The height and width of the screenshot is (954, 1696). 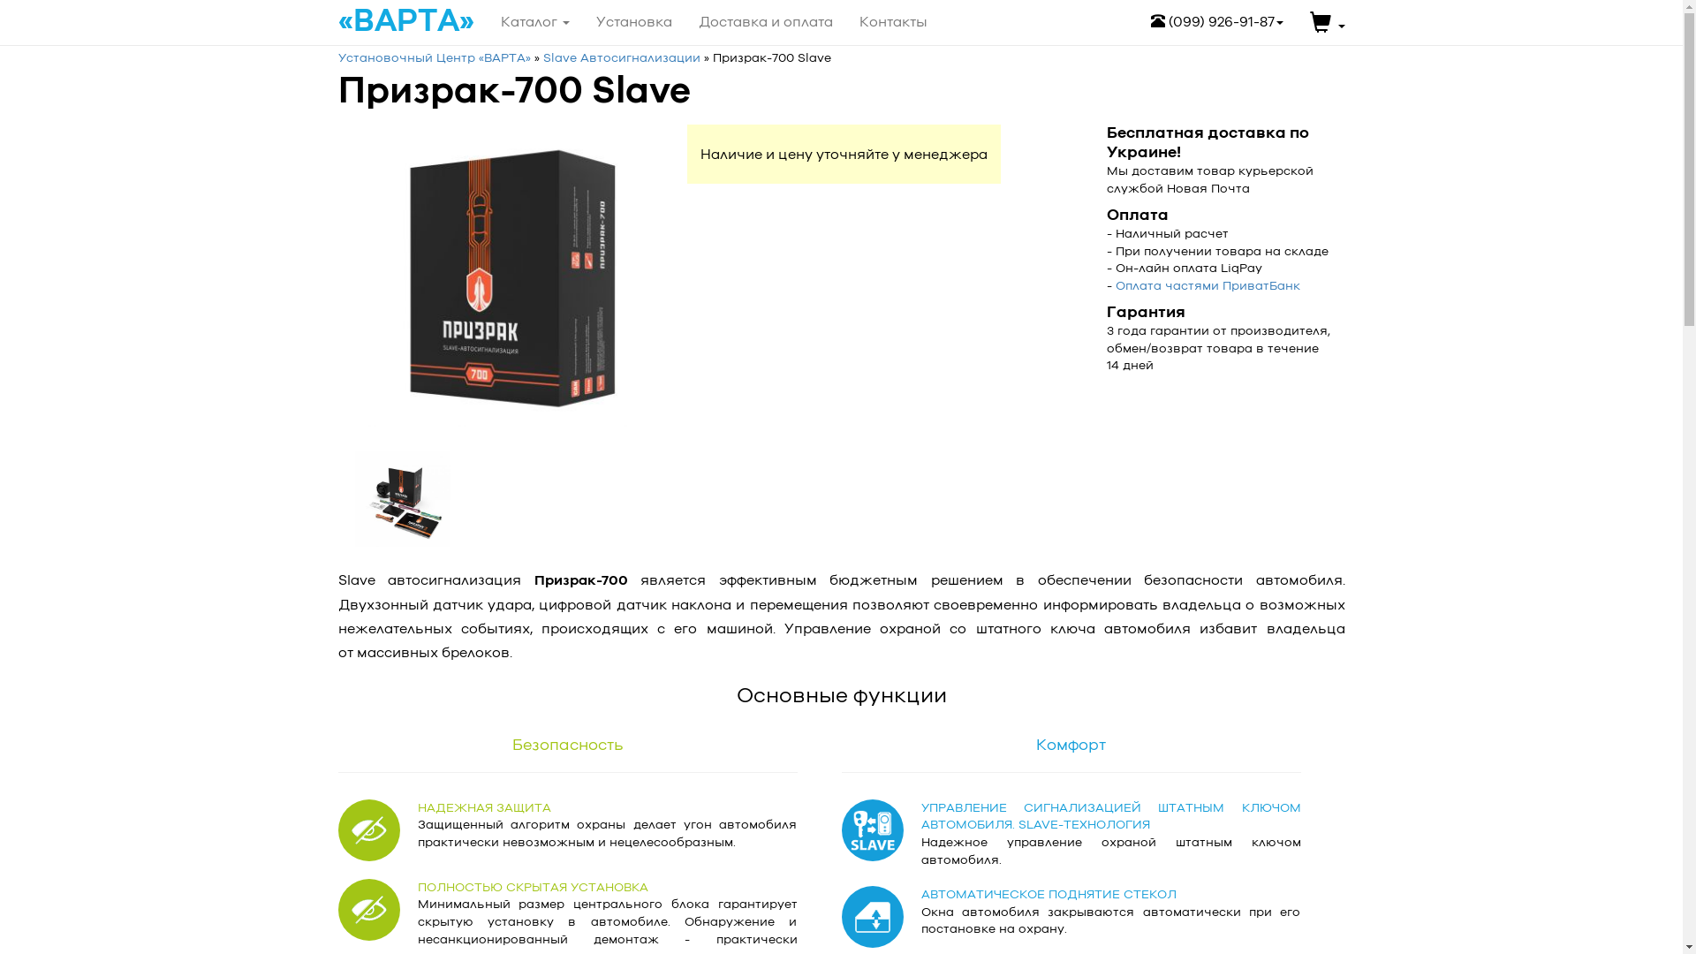 What do you see at coordinates (1215, 21) in the screenshot?
I see `'(099) 926-91-87'` at bounding box center [1215, 21].